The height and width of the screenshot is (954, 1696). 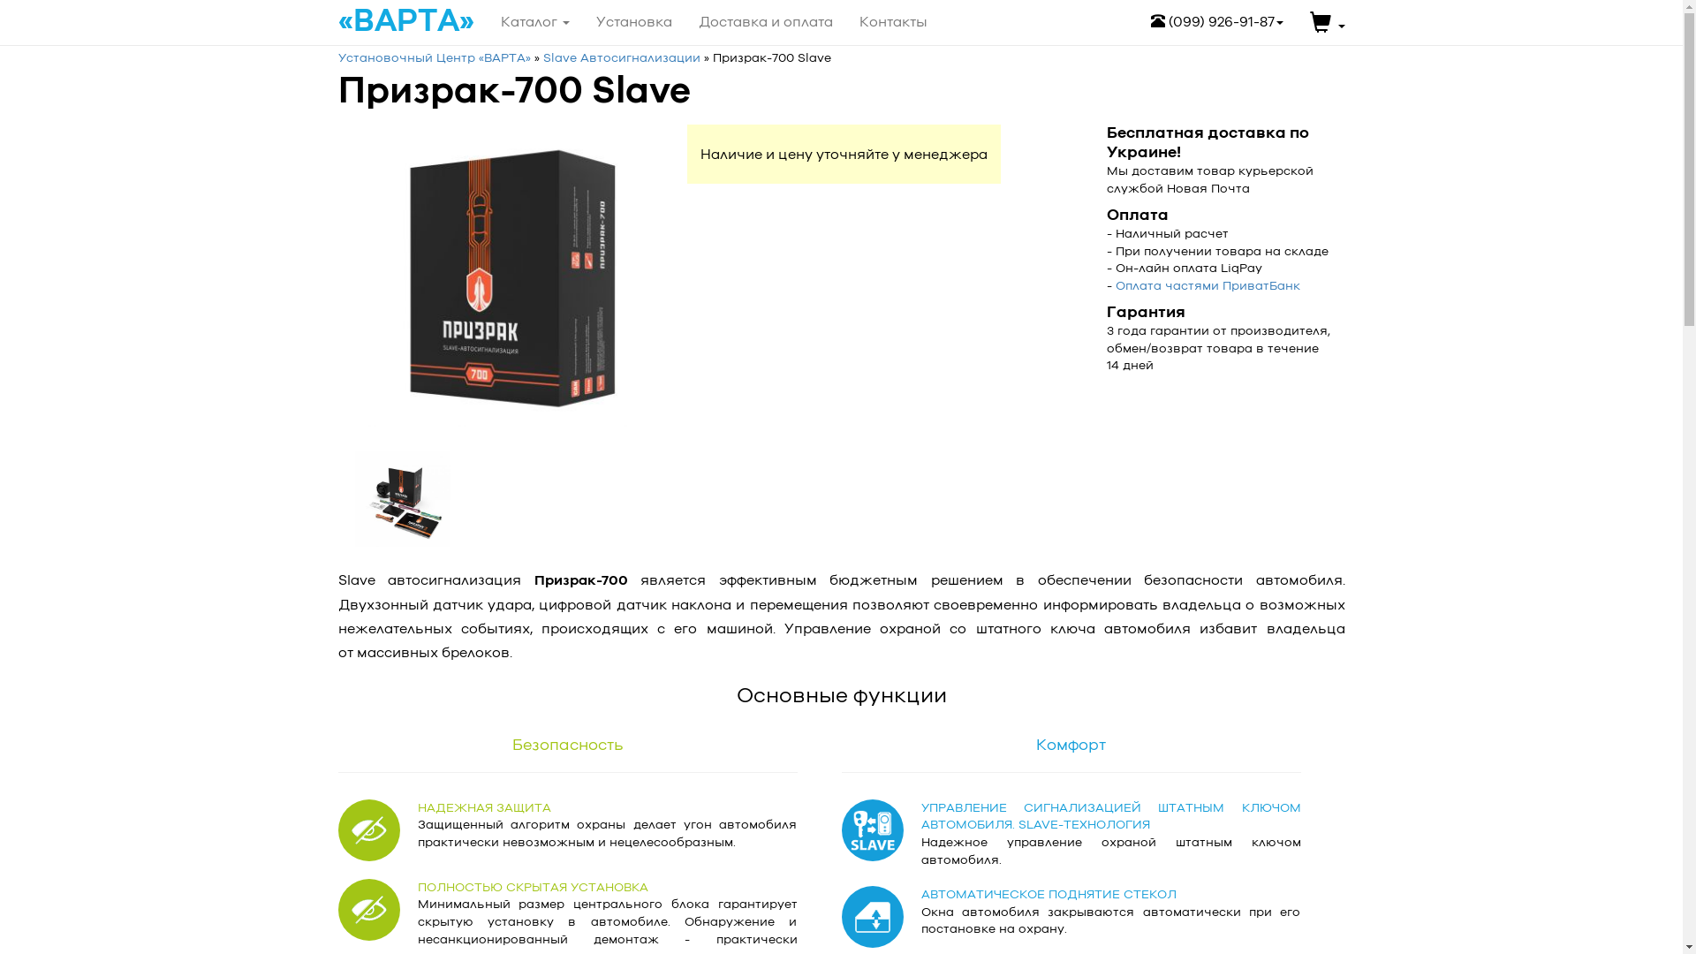 What do you see at coordinates (1215, 21) in the screenshot?
I see `'(099) 926-91-87'` at bounding box center [1215, 21].